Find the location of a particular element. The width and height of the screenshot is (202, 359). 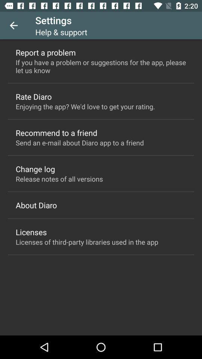

change log icon is located at coordinates (35, 169).